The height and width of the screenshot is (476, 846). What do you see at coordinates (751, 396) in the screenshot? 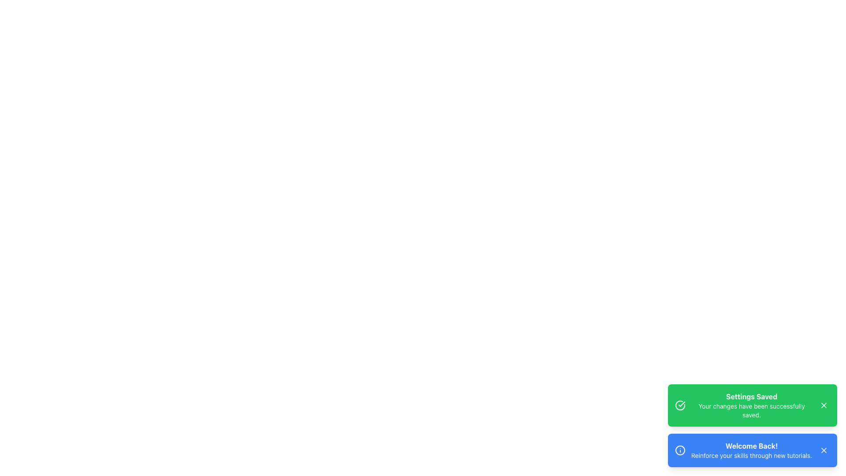
I see `the title text label of the notification card indicating a successful action related to settings, located at the bottom-right corner of the interface` at bounding box center [751, 396].